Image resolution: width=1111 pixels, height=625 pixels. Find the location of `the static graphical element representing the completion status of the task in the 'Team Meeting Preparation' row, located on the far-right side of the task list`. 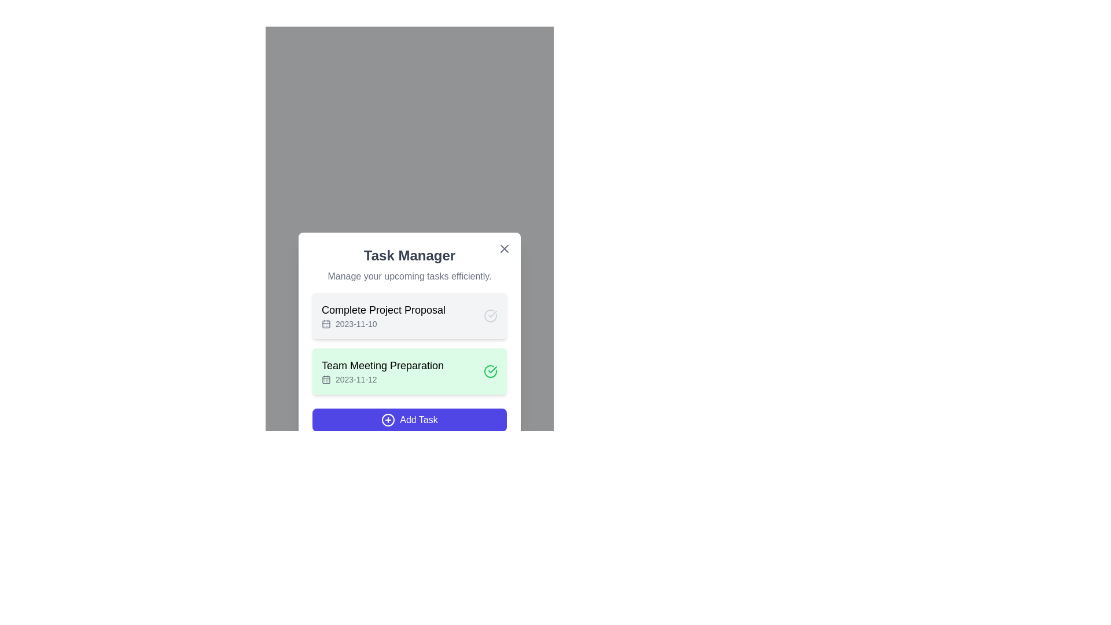

the static graphical element representing the completion status of the task in the 'Team Meeting Preparation' row, located on the far-right side of the task list is located at coordinates (491, 316).